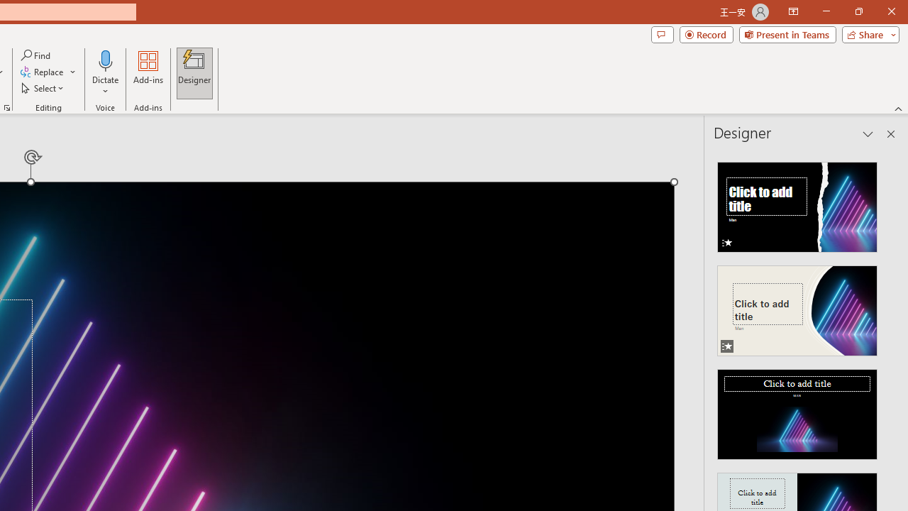  What do you see at coordinates (858, 11) in the screenshot?
I see `'Restore Down'` at bounding box center [858, 11].